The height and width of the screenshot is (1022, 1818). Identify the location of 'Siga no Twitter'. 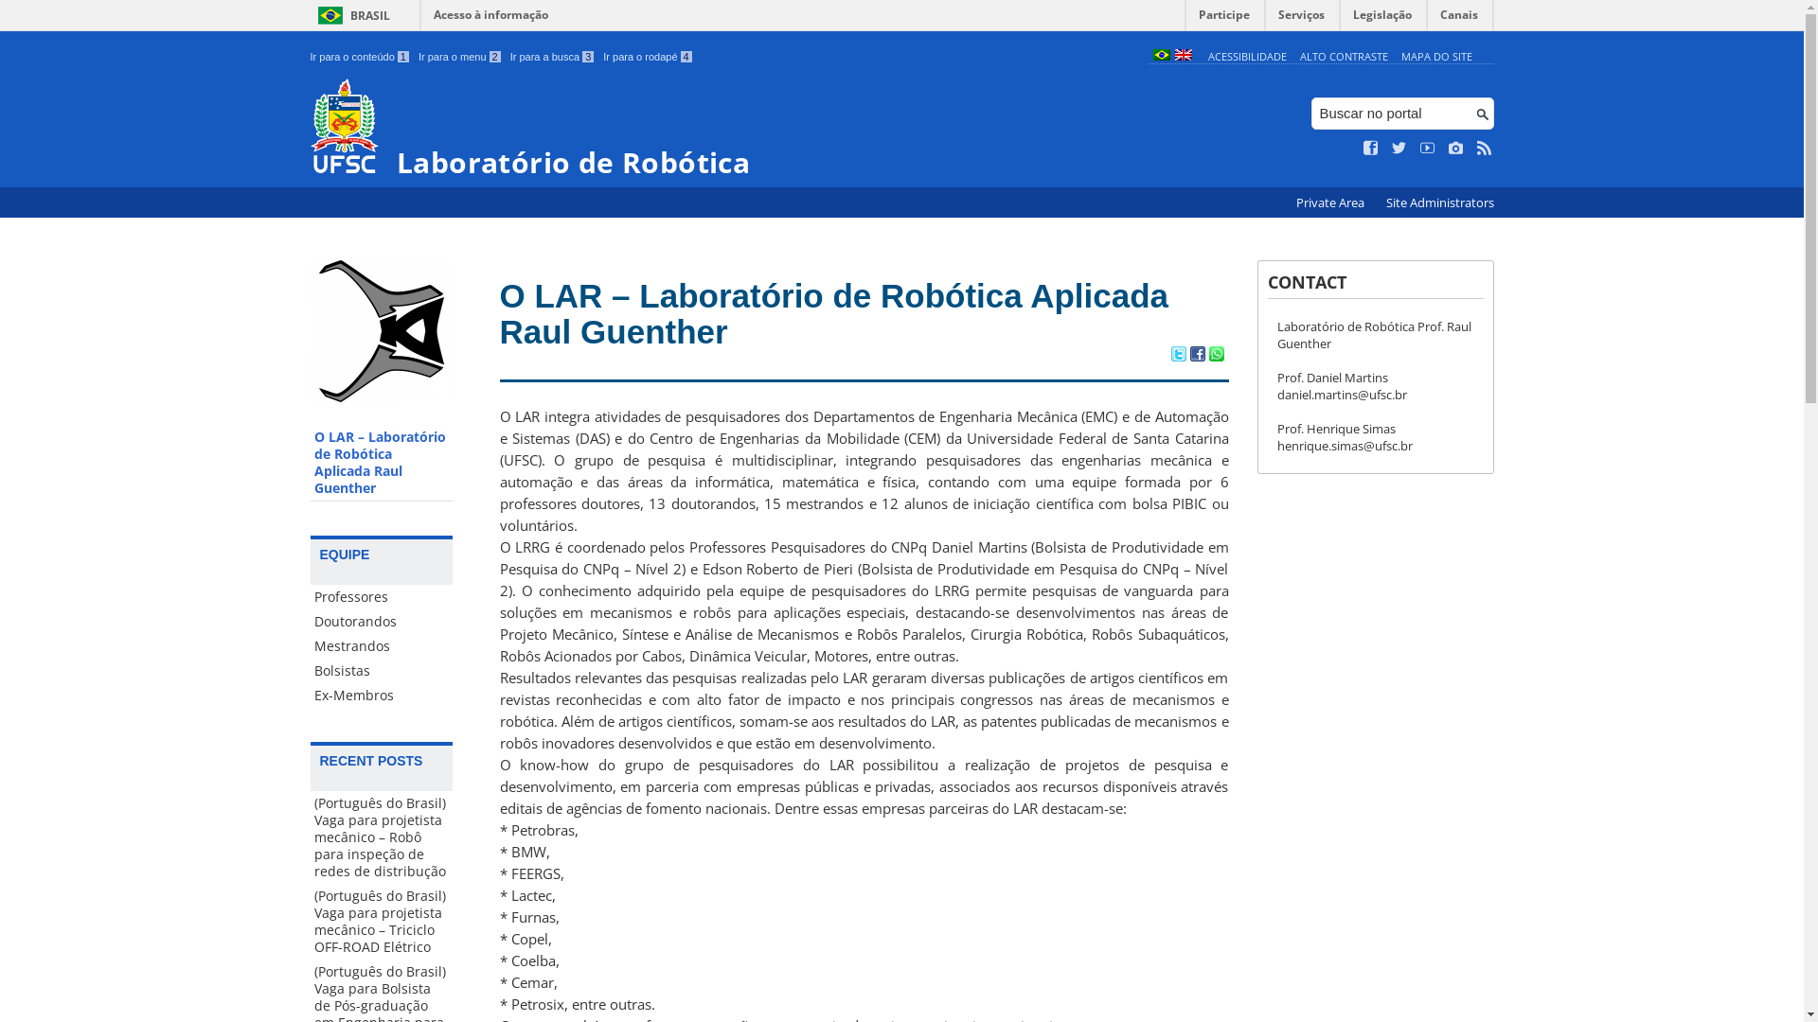
(1391, 148).